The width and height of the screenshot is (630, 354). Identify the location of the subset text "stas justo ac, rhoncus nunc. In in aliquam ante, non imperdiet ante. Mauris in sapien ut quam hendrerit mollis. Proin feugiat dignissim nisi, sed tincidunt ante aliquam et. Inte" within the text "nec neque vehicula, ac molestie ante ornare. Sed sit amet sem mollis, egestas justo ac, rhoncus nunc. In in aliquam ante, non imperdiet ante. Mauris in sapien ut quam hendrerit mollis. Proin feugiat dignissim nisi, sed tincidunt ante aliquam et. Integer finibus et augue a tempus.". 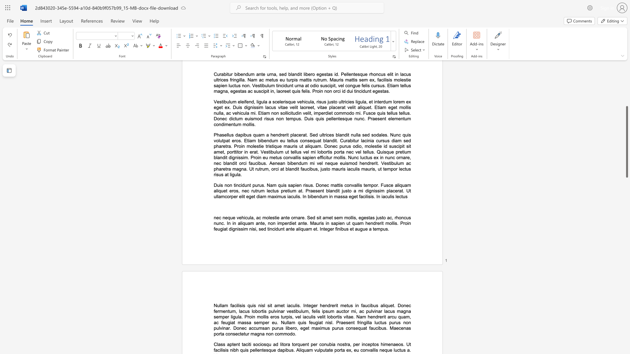
(366, 218).